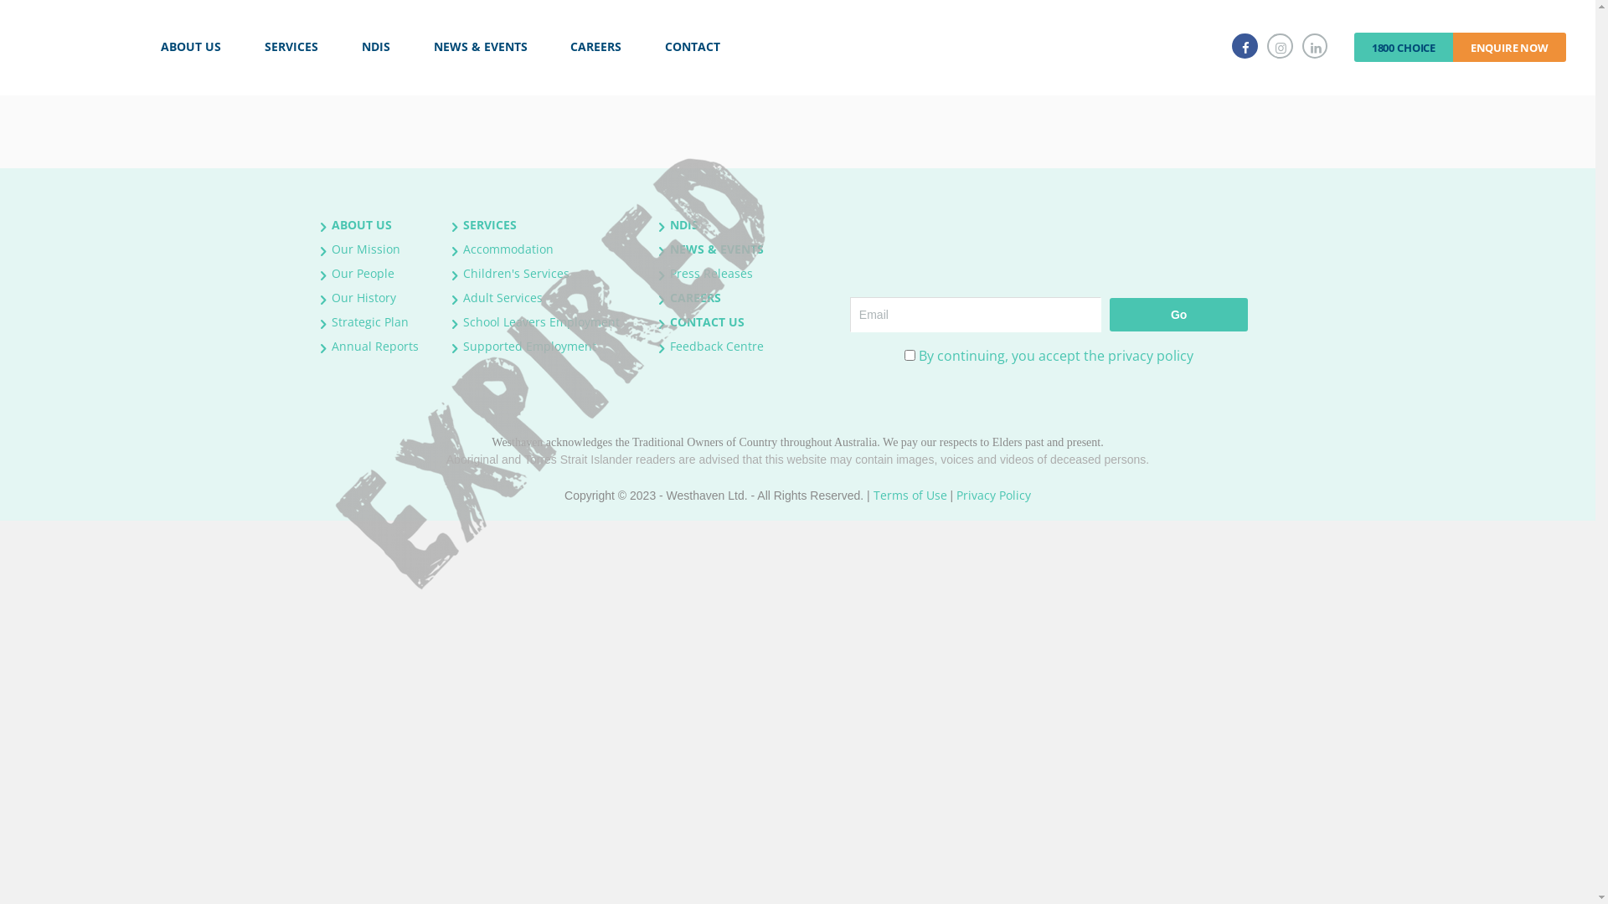 The height and width of the screenshot is (904, 1608). I want to click on 'SERVICES', so click(291, 46).